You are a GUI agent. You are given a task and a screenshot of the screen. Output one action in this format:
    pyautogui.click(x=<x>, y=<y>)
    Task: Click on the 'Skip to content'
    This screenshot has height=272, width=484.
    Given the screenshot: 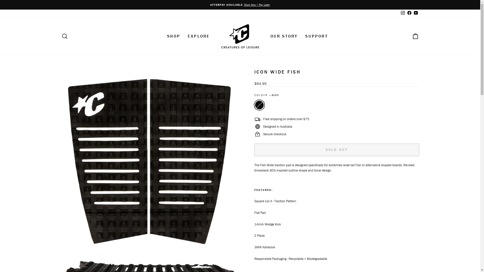 What is the action you would take?
    pyautogui.click(x=0, y=0)
    